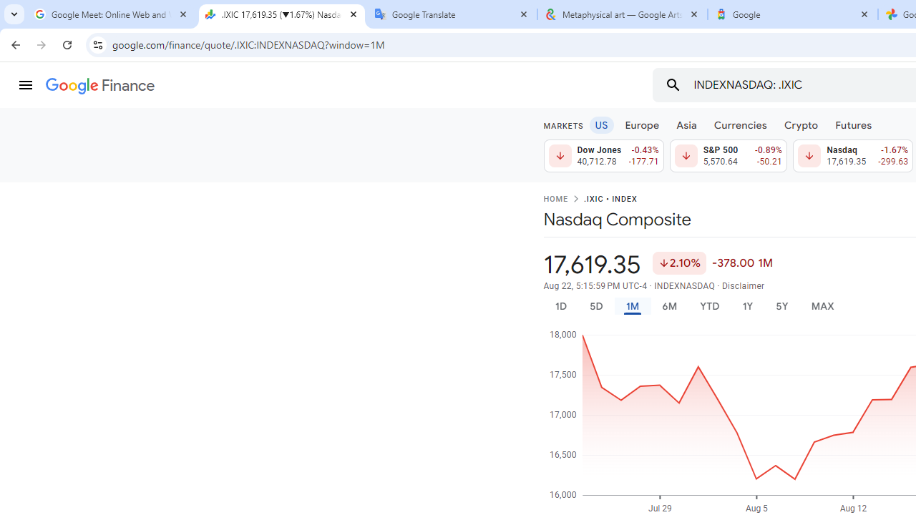 Image resolution: width=916 pixels, height=515 pixels. I want to click on 'Google', so click(792, 14).